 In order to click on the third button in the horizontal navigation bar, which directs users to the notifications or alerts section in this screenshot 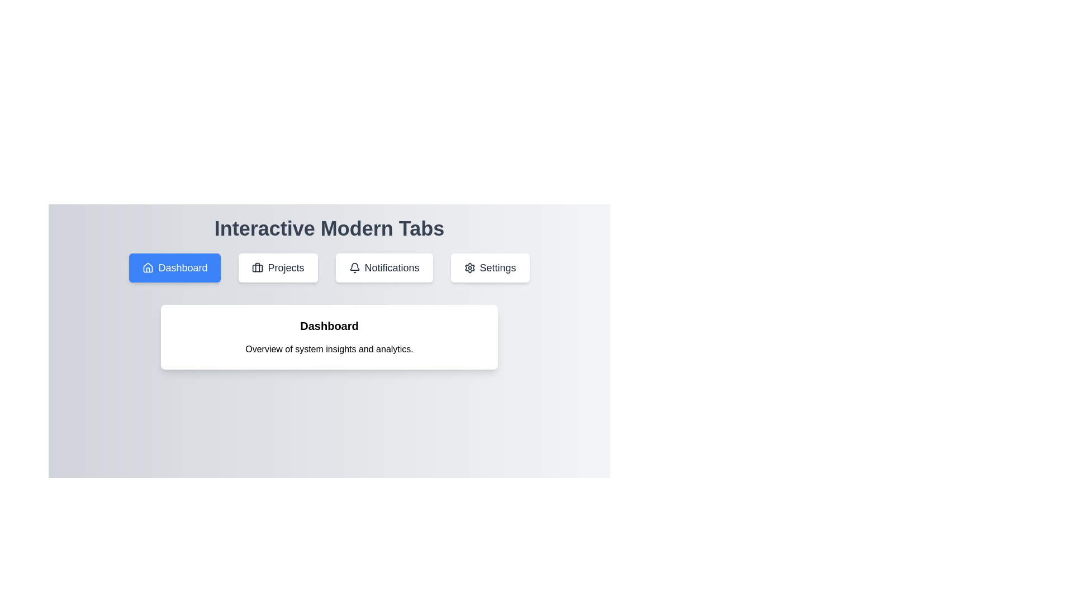, I will do `click(384, 267)`.